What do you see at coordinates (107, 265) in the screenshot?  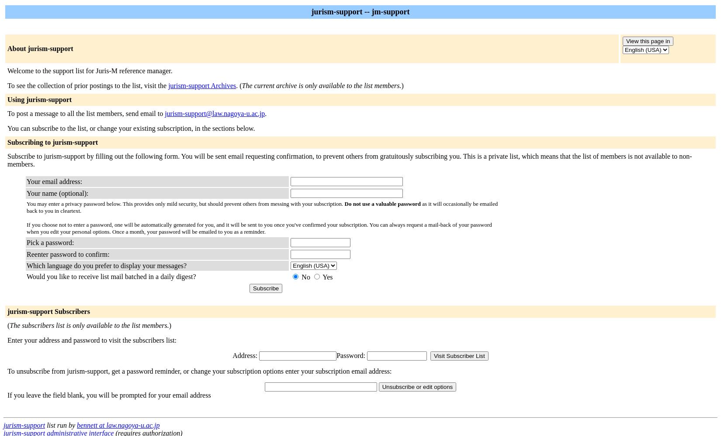 I see `'Which language do you prefer to display your messages?'` at bounding box center [107, 265].